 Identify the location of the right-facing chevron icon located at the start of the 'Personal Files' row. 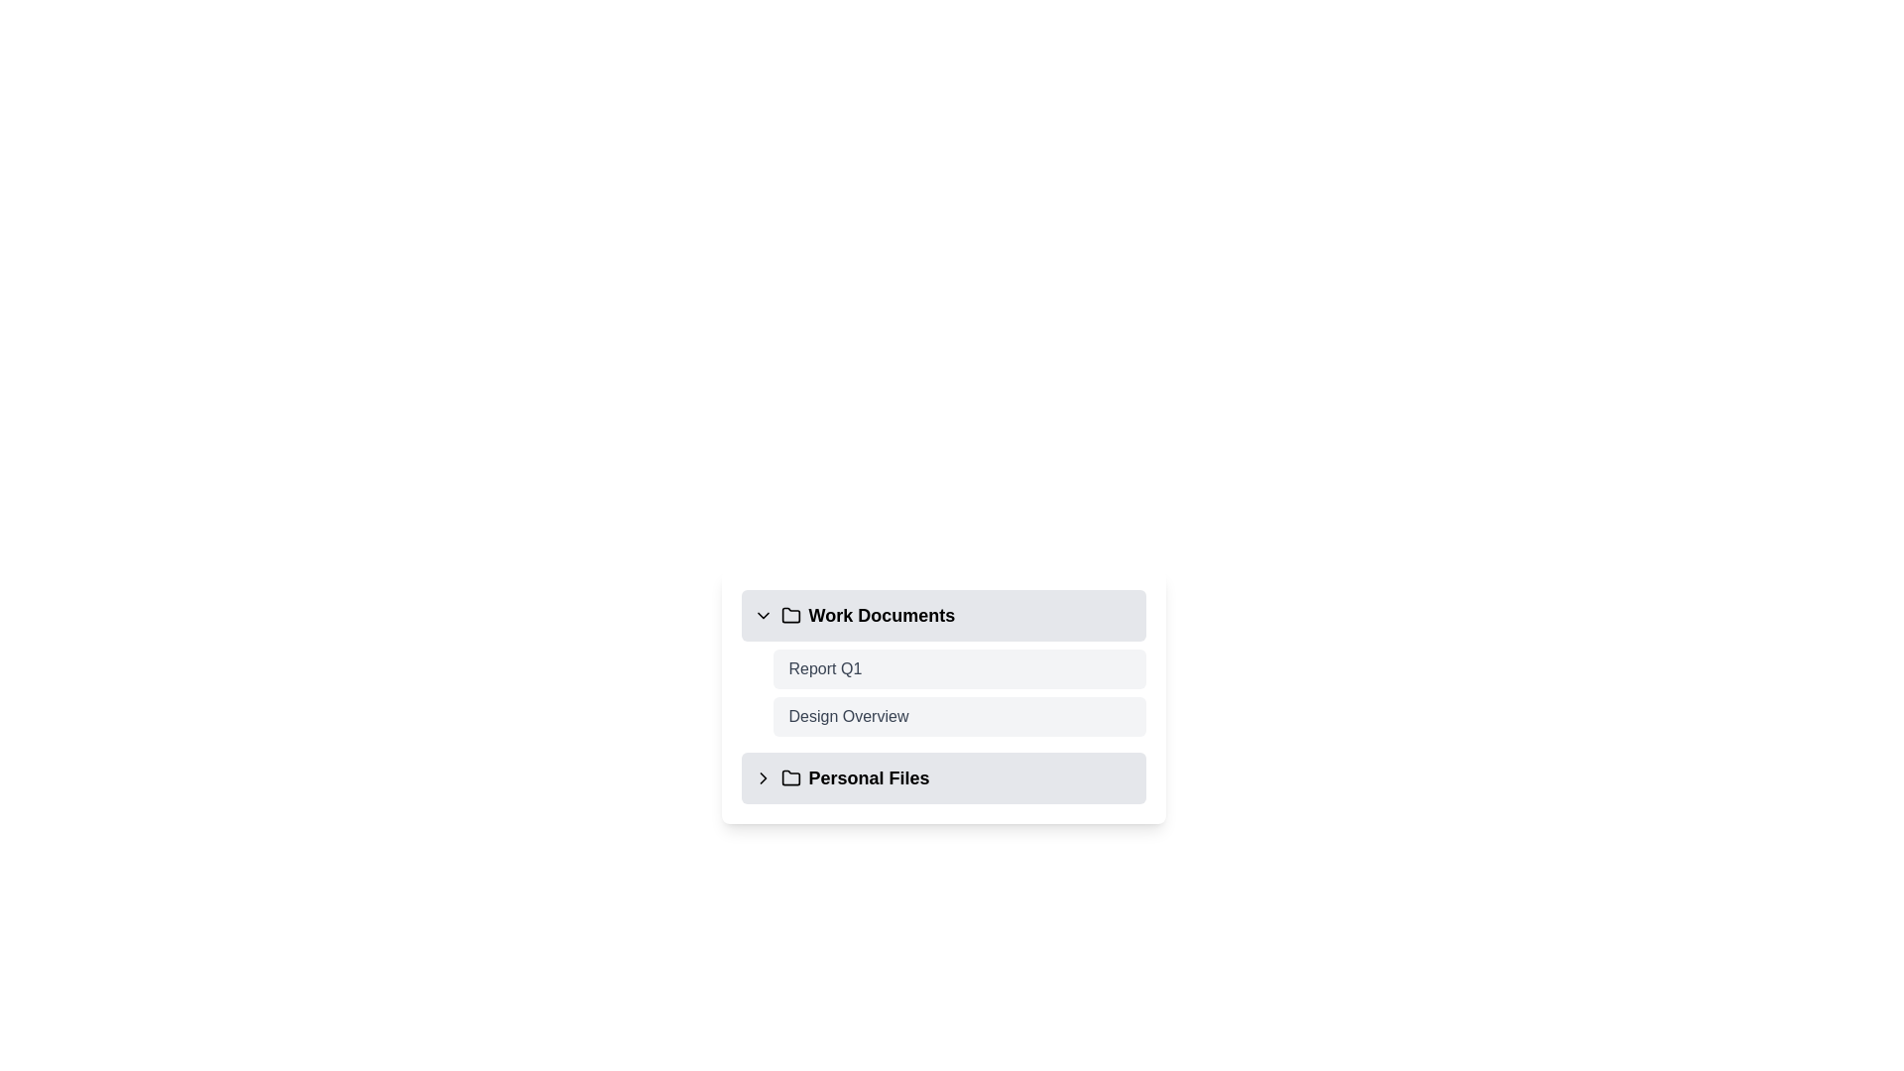
(762, 777).